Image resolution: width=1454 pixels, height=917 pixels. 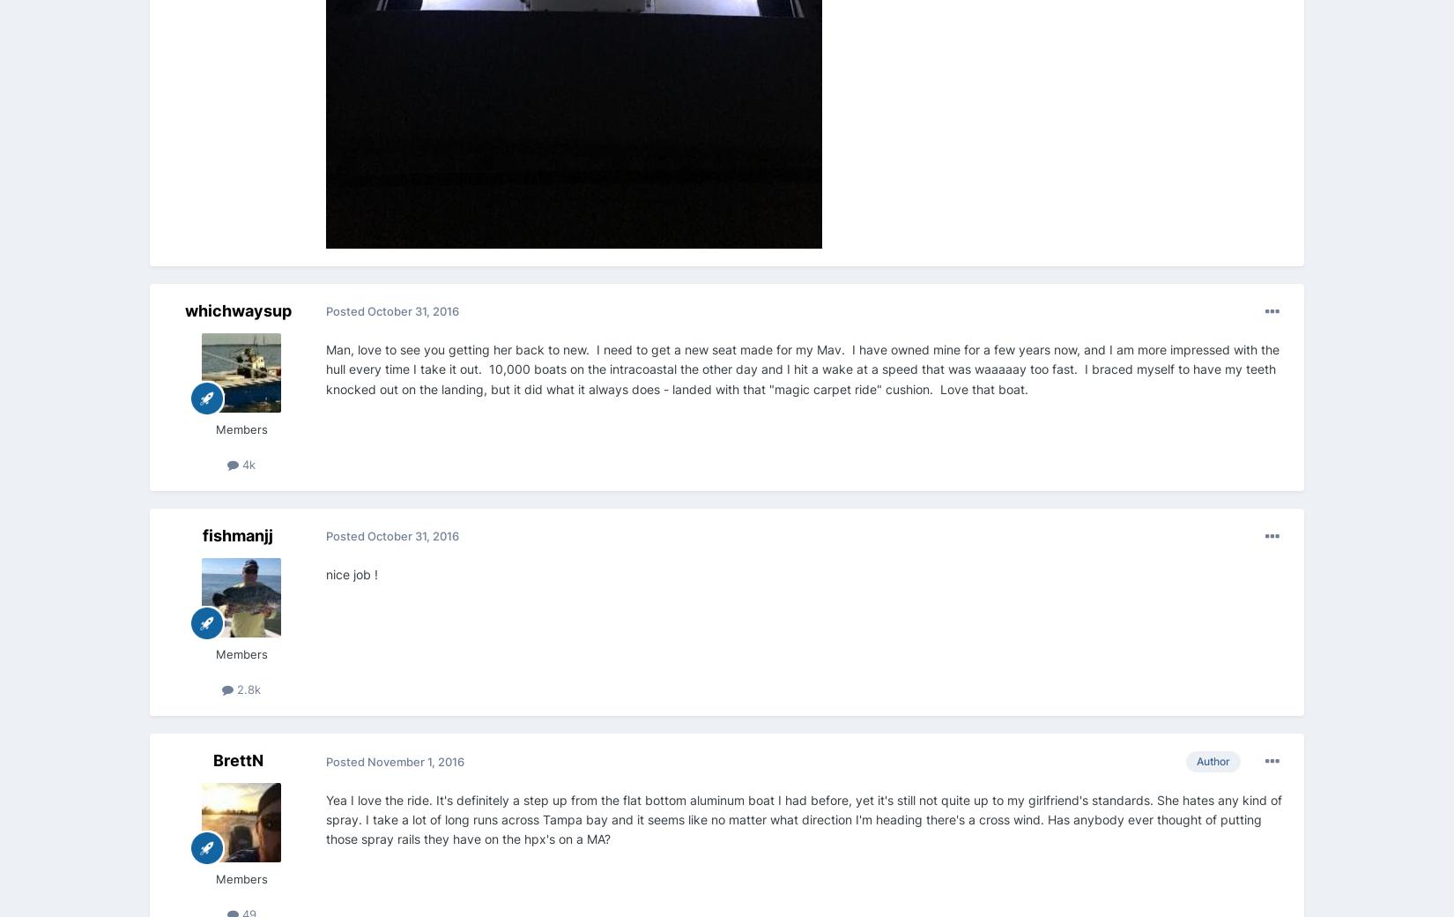 What do you see at coordinates (1212, 760) in the screenshot?
I see `'Author'` at bounding box center [1212, 760].